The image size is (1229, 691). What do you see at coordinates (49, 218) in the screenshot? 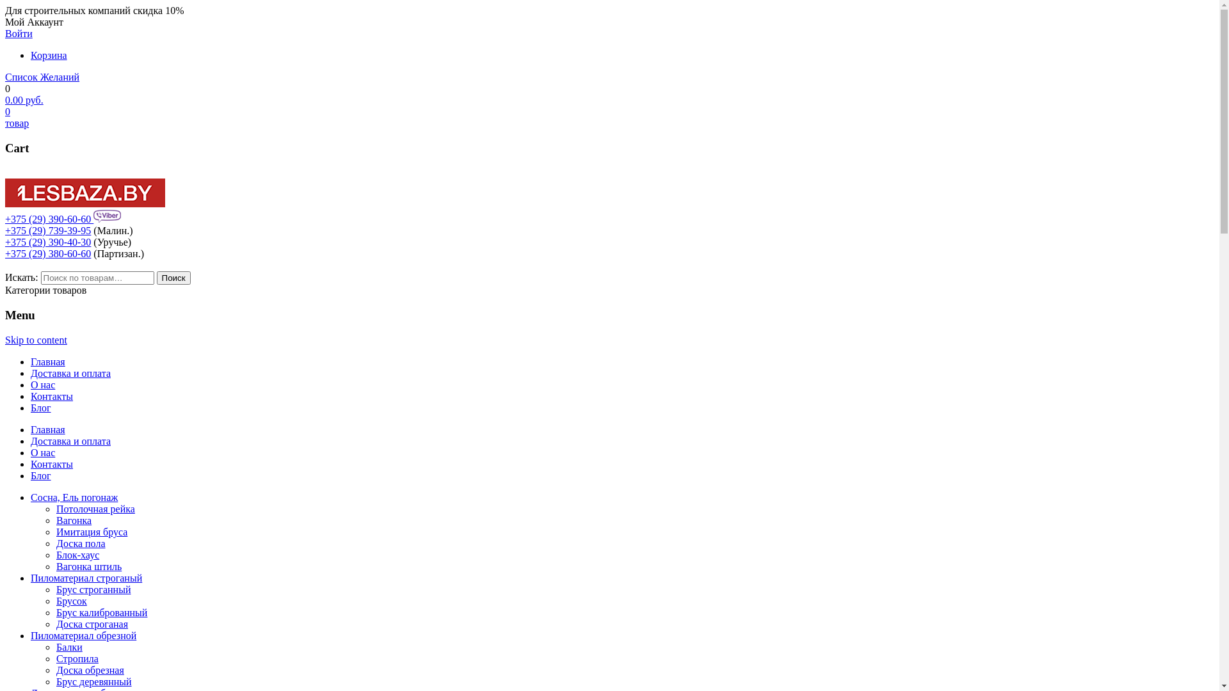
I see `'+375 (29) 390-60-60'` at bounding box center [49, 218].